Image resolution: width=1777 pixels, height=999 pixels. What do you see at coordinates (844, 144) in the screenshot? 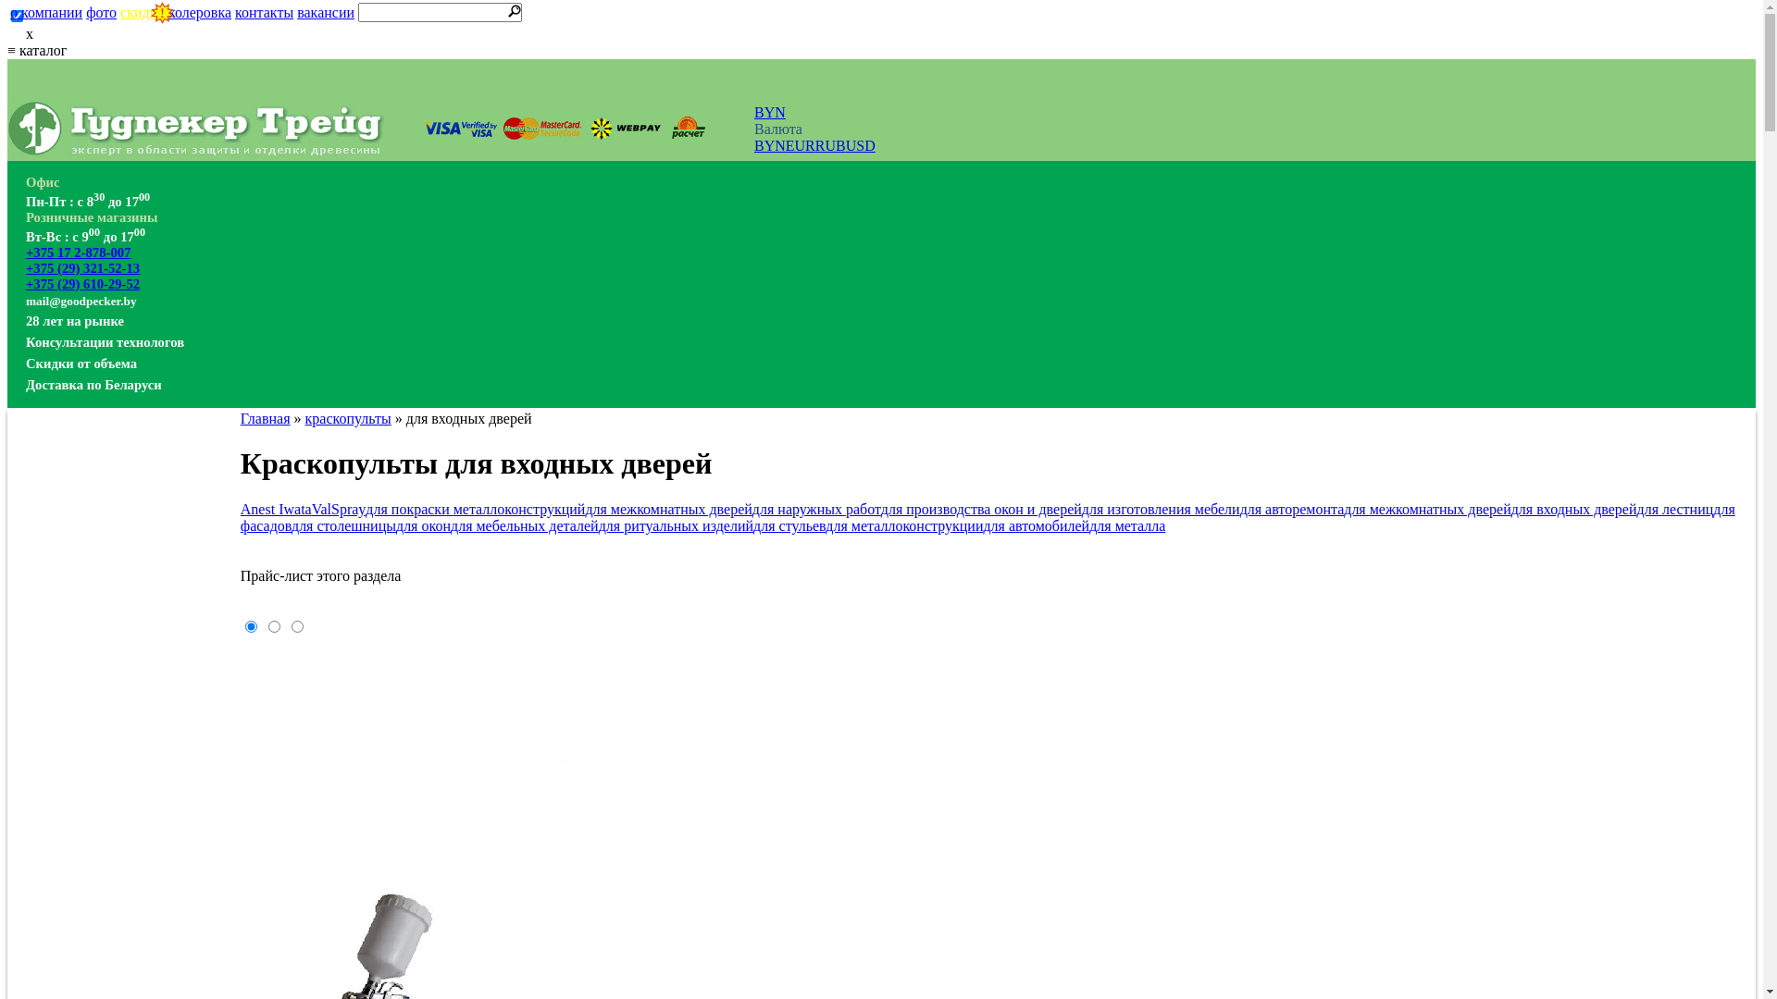
I see `'USD'` at bounding box center [844, 144].